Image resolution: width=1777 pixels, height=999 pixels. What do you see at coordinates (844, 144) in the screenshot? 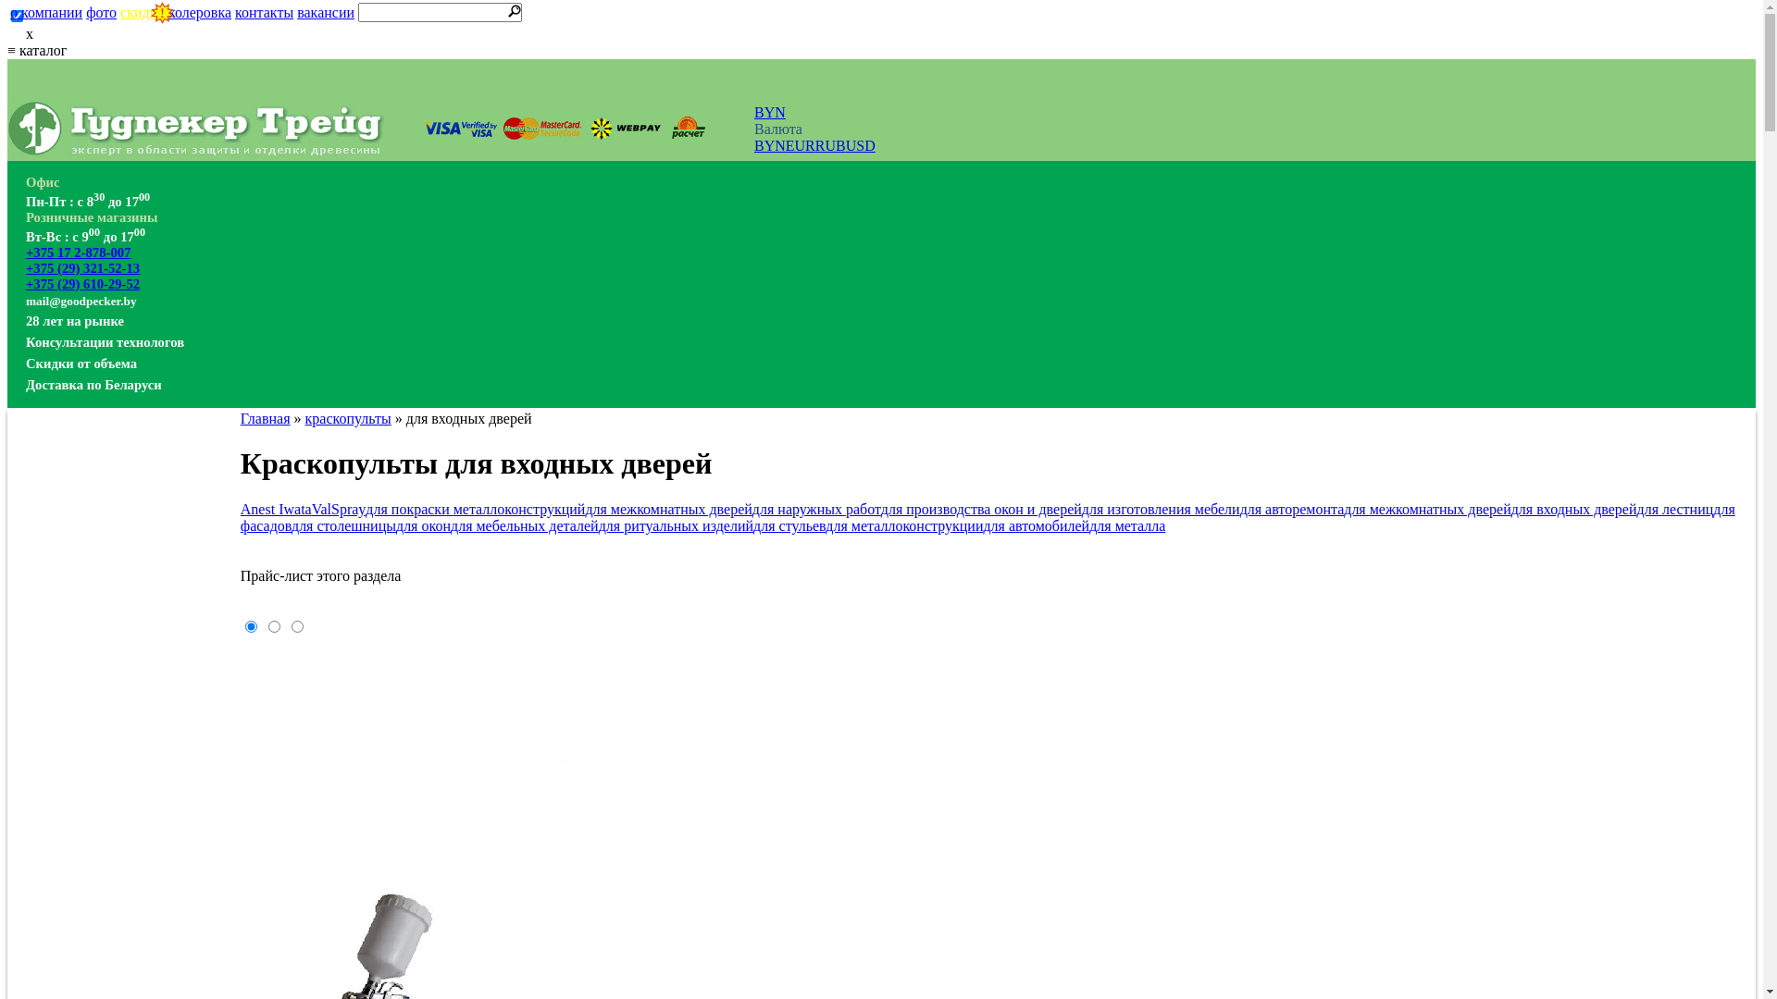
I see `'USD'` at bounding box center [844, 144].